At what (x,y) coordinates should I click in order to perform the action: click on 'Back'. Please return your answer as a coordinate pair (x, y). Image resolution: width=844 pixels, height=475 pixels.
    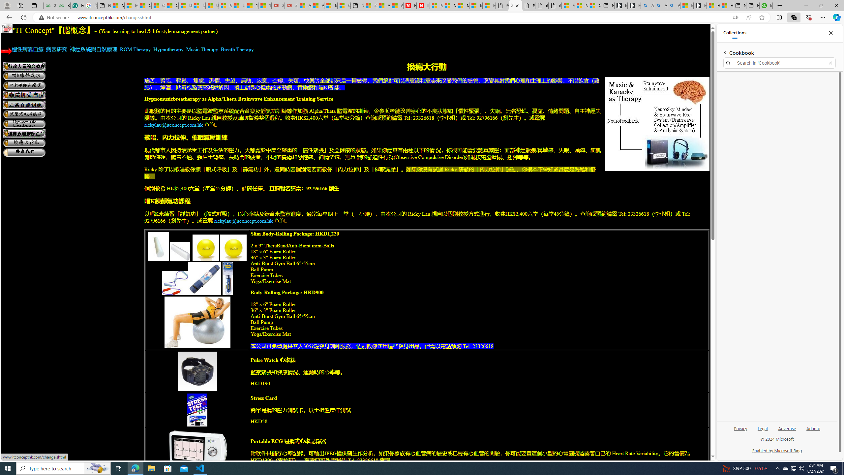
    Looking at the image, I should click on (8, 17).